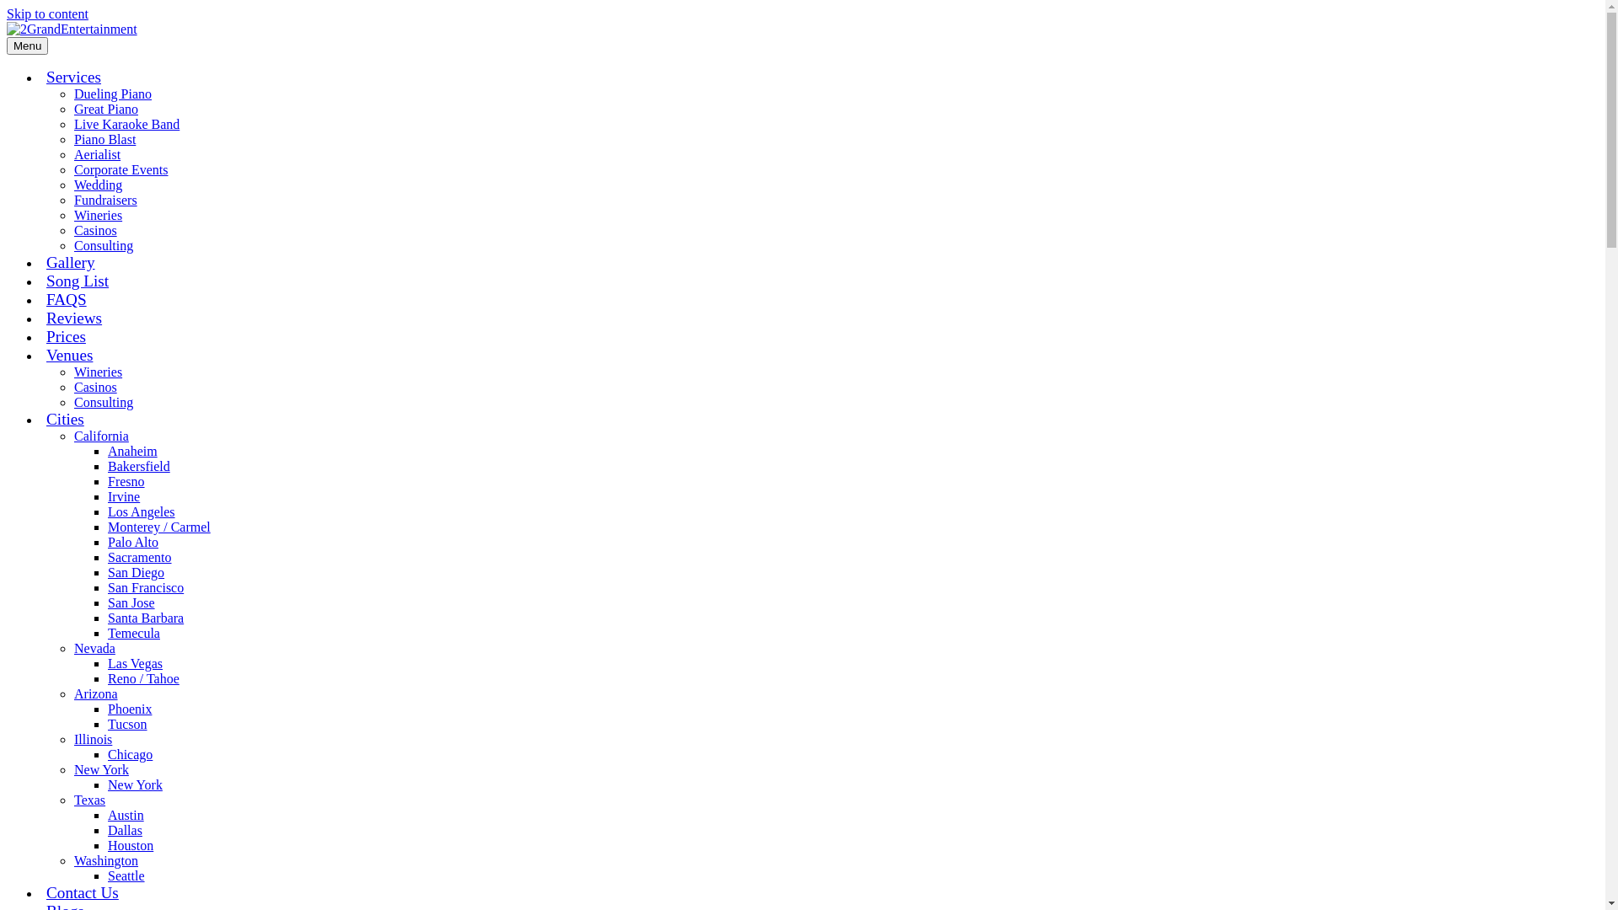 Image resolution: width=1618 pixels, height=910 pixels. Describe the element at coordinates (125, 875) in the screenshot. I see `'Seattle'` at that location.